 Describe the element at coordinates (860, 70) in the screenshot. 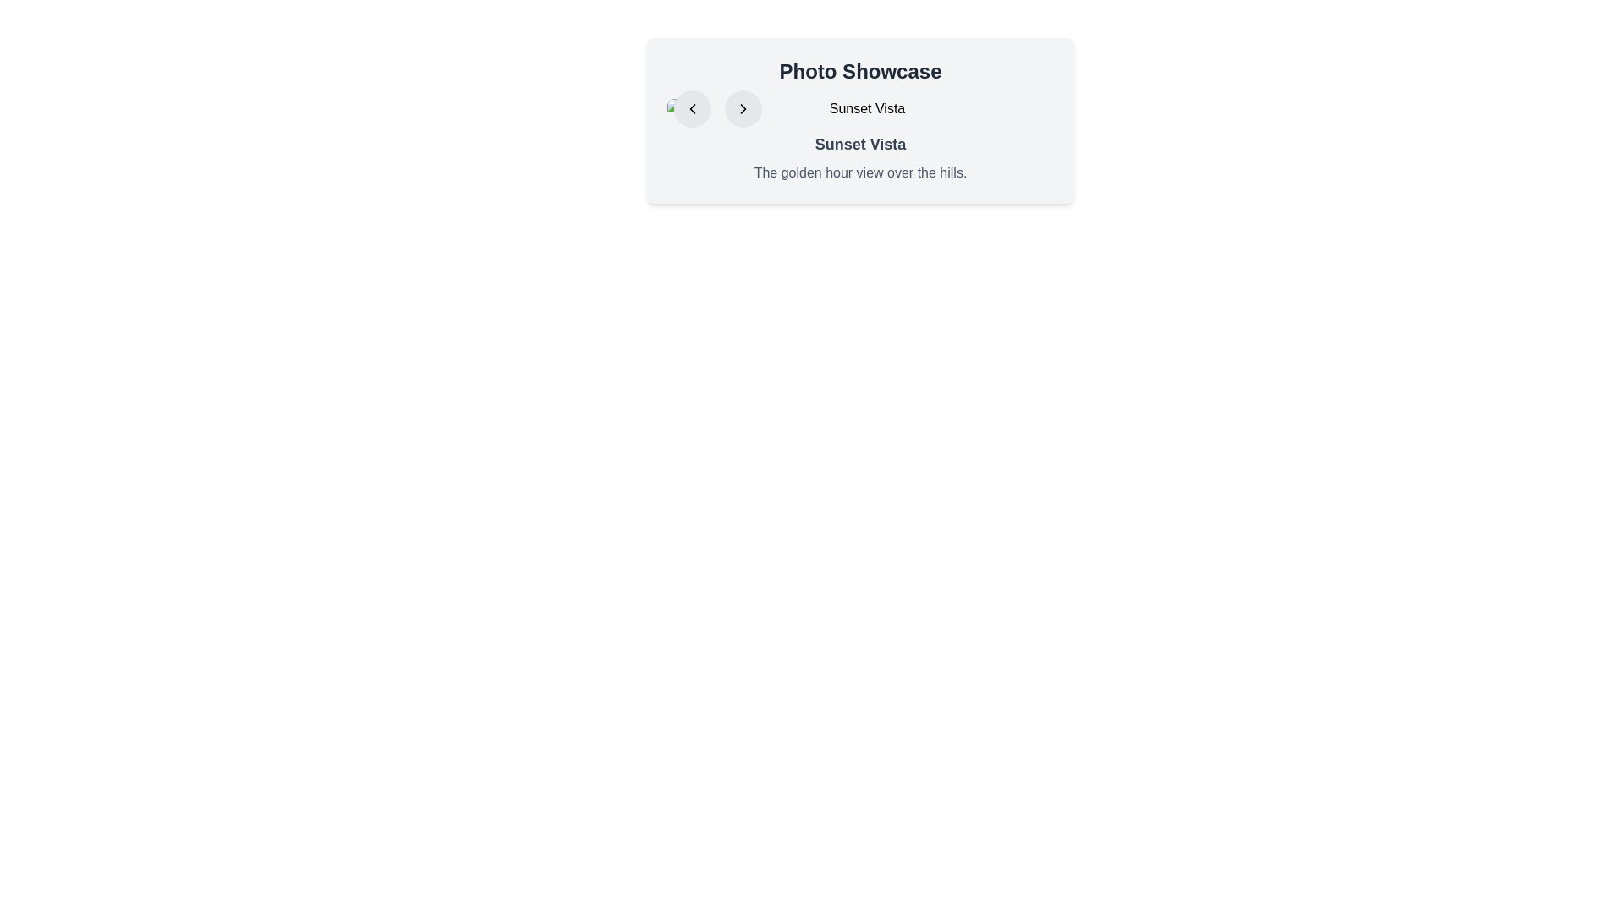

I see `the Header text element that serves as the title for the photo showcase section, located at the top of its light gray, rounded, and shadowed card` at that location.